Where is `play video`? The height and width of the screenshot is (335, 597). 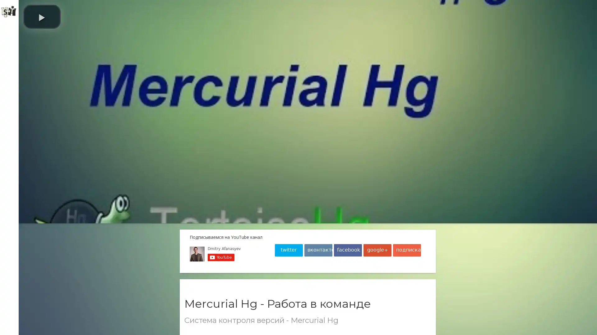 play video is located at coordinates (110, 16).